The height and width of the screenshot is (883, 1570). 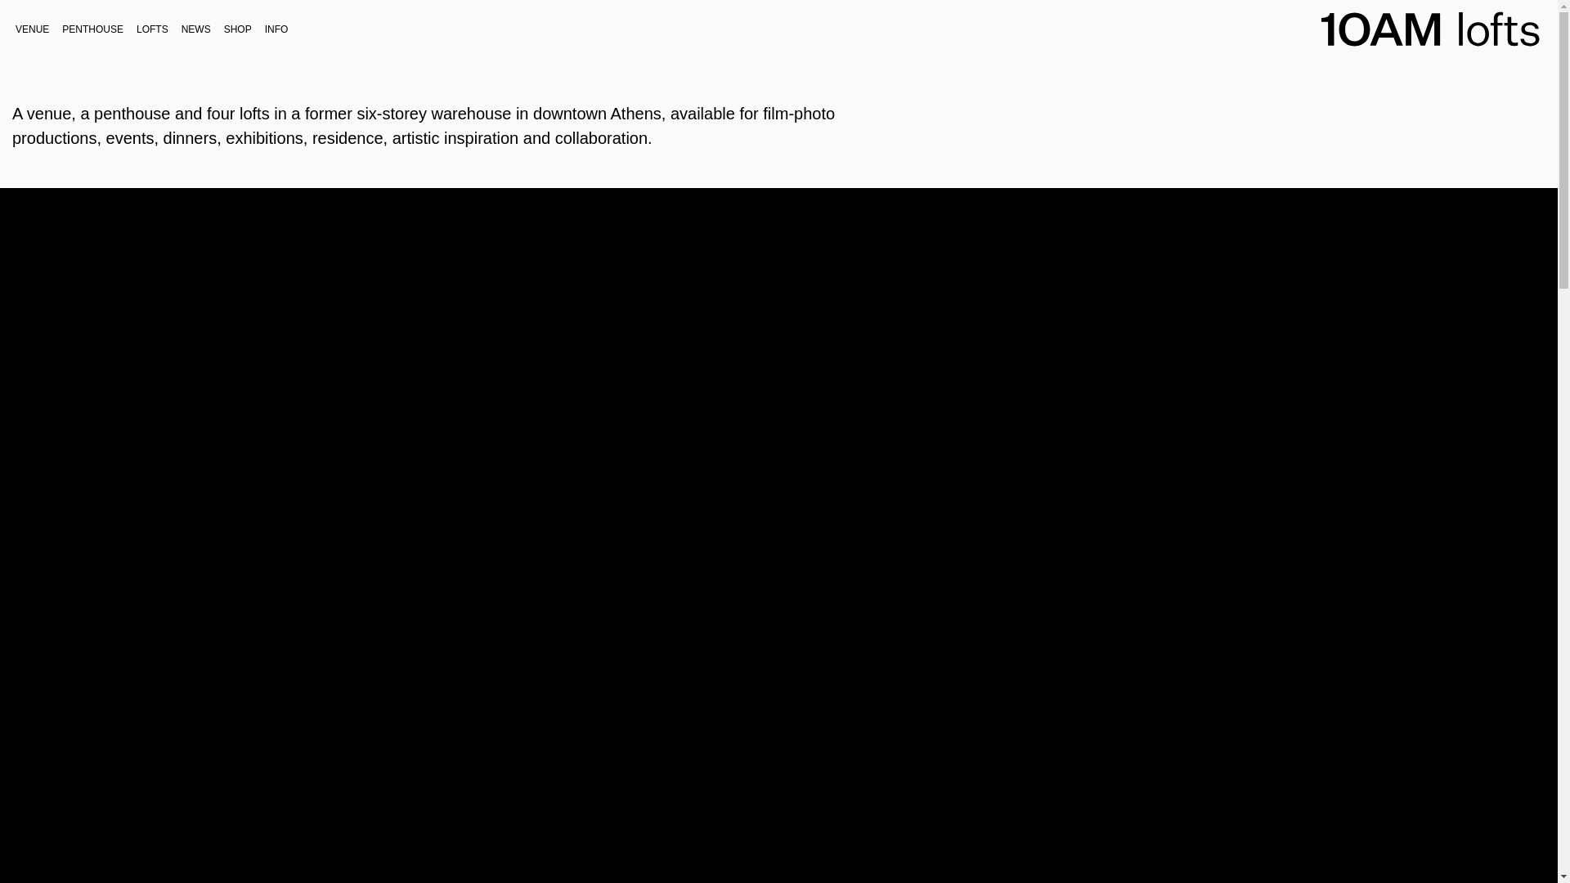 I want to click on '10AM lofts', so click(x=1413, y=75).